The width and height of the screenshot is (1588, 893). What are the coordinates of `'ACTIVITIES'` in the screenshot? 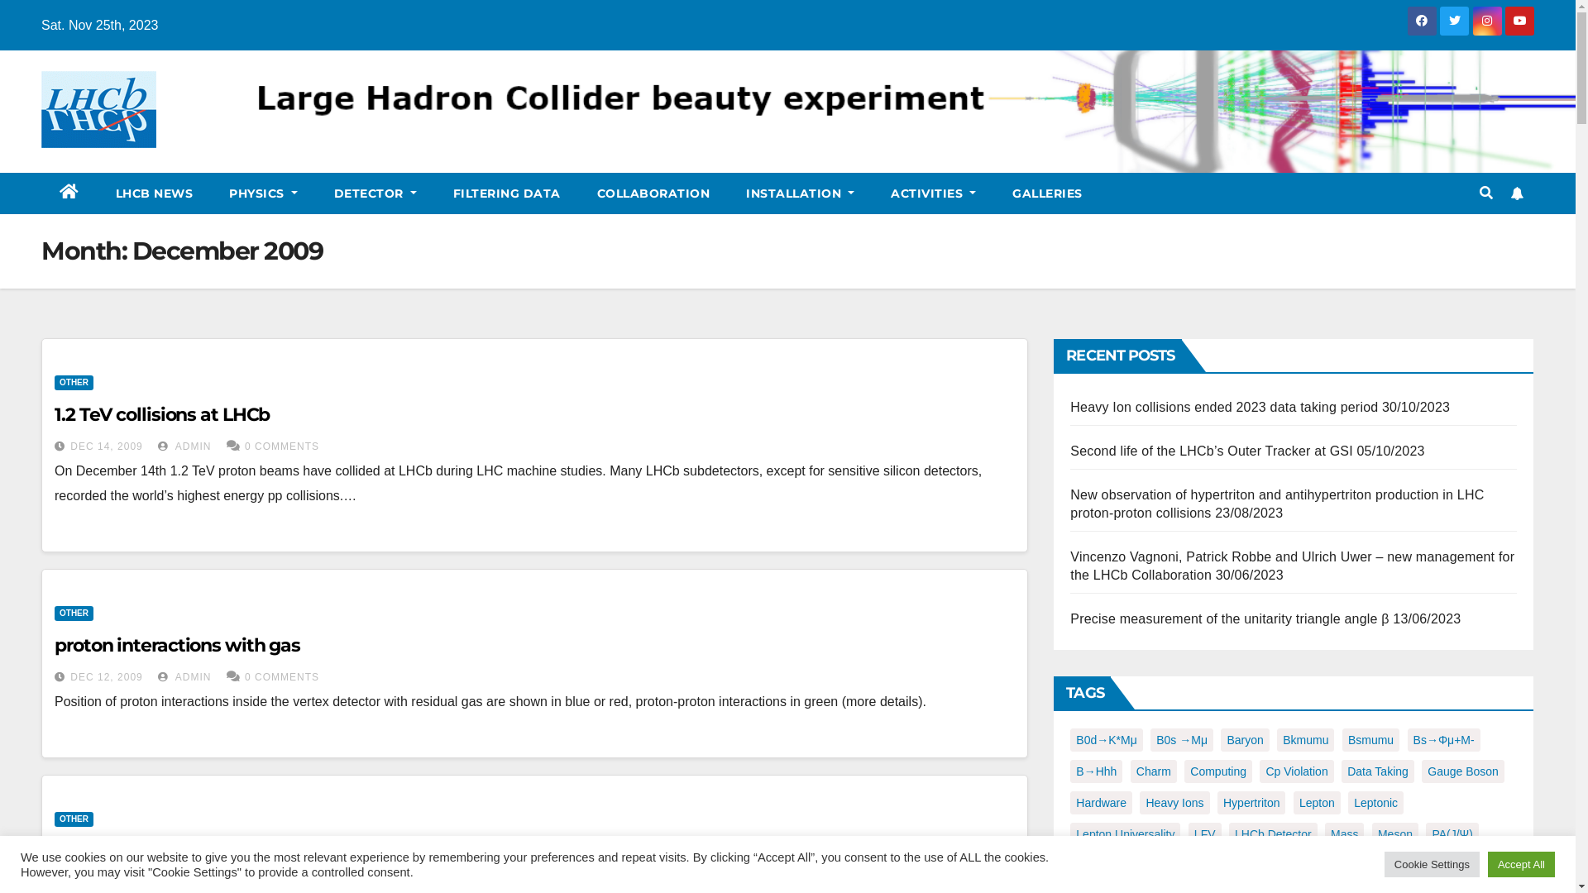 It's located at (933, 193).